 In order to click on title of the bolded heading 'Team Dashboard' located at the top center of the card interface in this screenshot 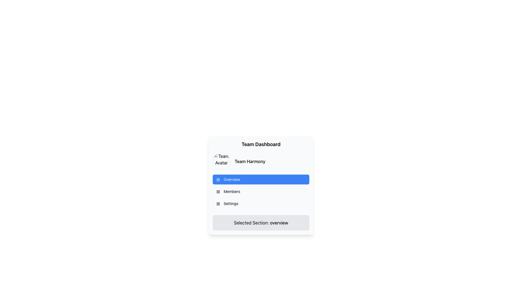, I will do `click(260, 144)`.